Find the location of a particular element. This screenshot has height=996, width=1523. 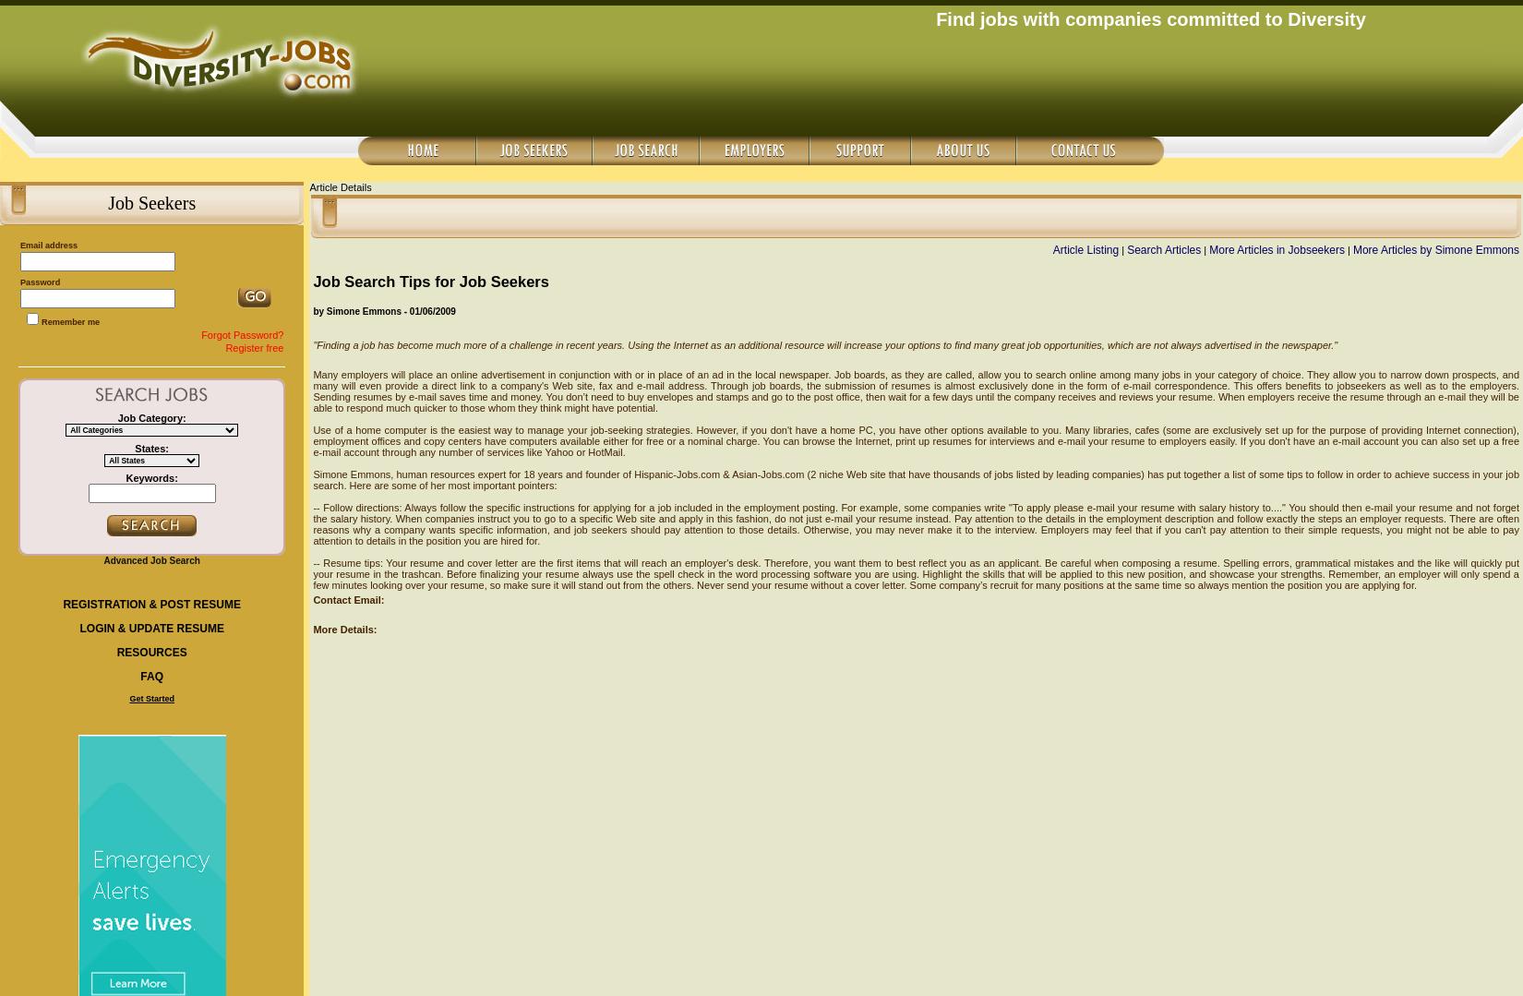

'Article Details' is located at coordinates (308, 186).